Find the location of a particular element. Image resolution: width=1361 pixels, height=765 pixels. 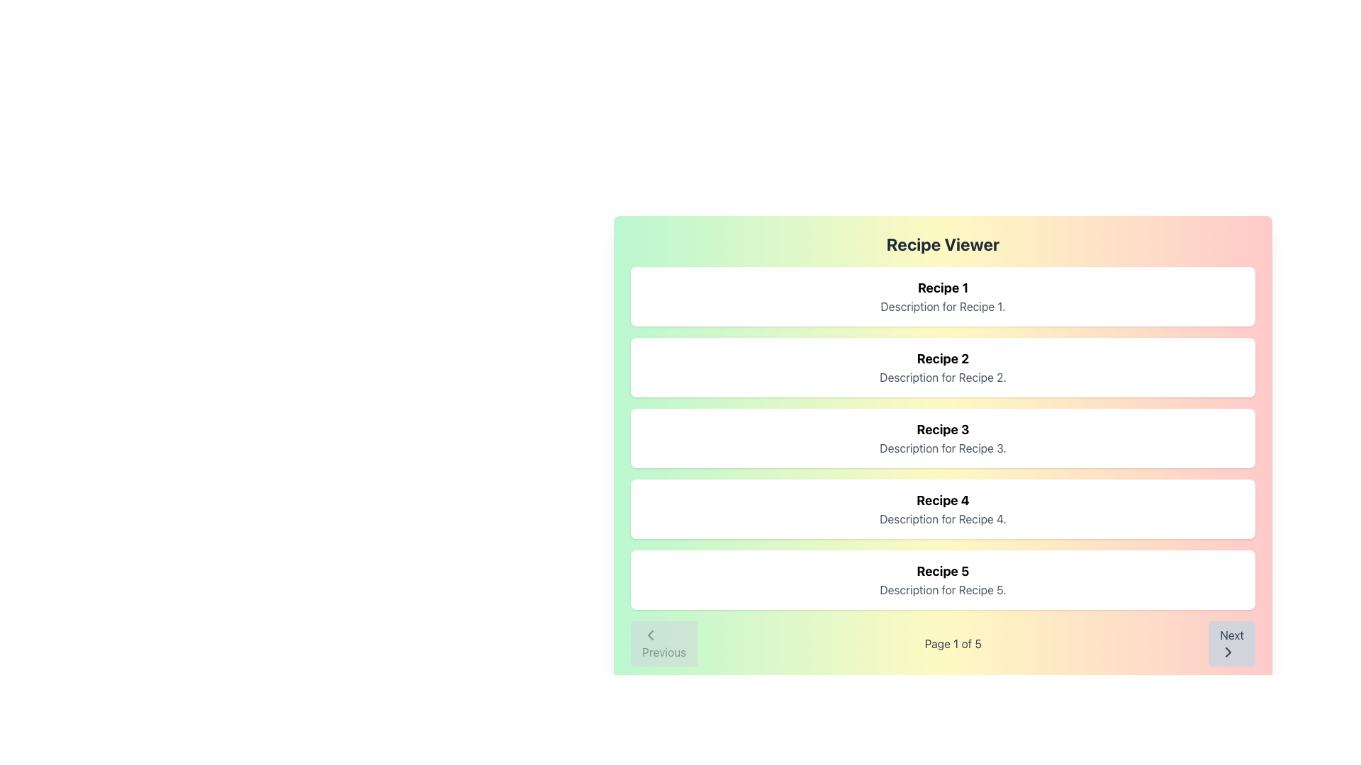

the heading element displaying 'Recipe 3', which serves as the title for a recipe card in the recipe viewer interface is located at coordinates (943, 429).